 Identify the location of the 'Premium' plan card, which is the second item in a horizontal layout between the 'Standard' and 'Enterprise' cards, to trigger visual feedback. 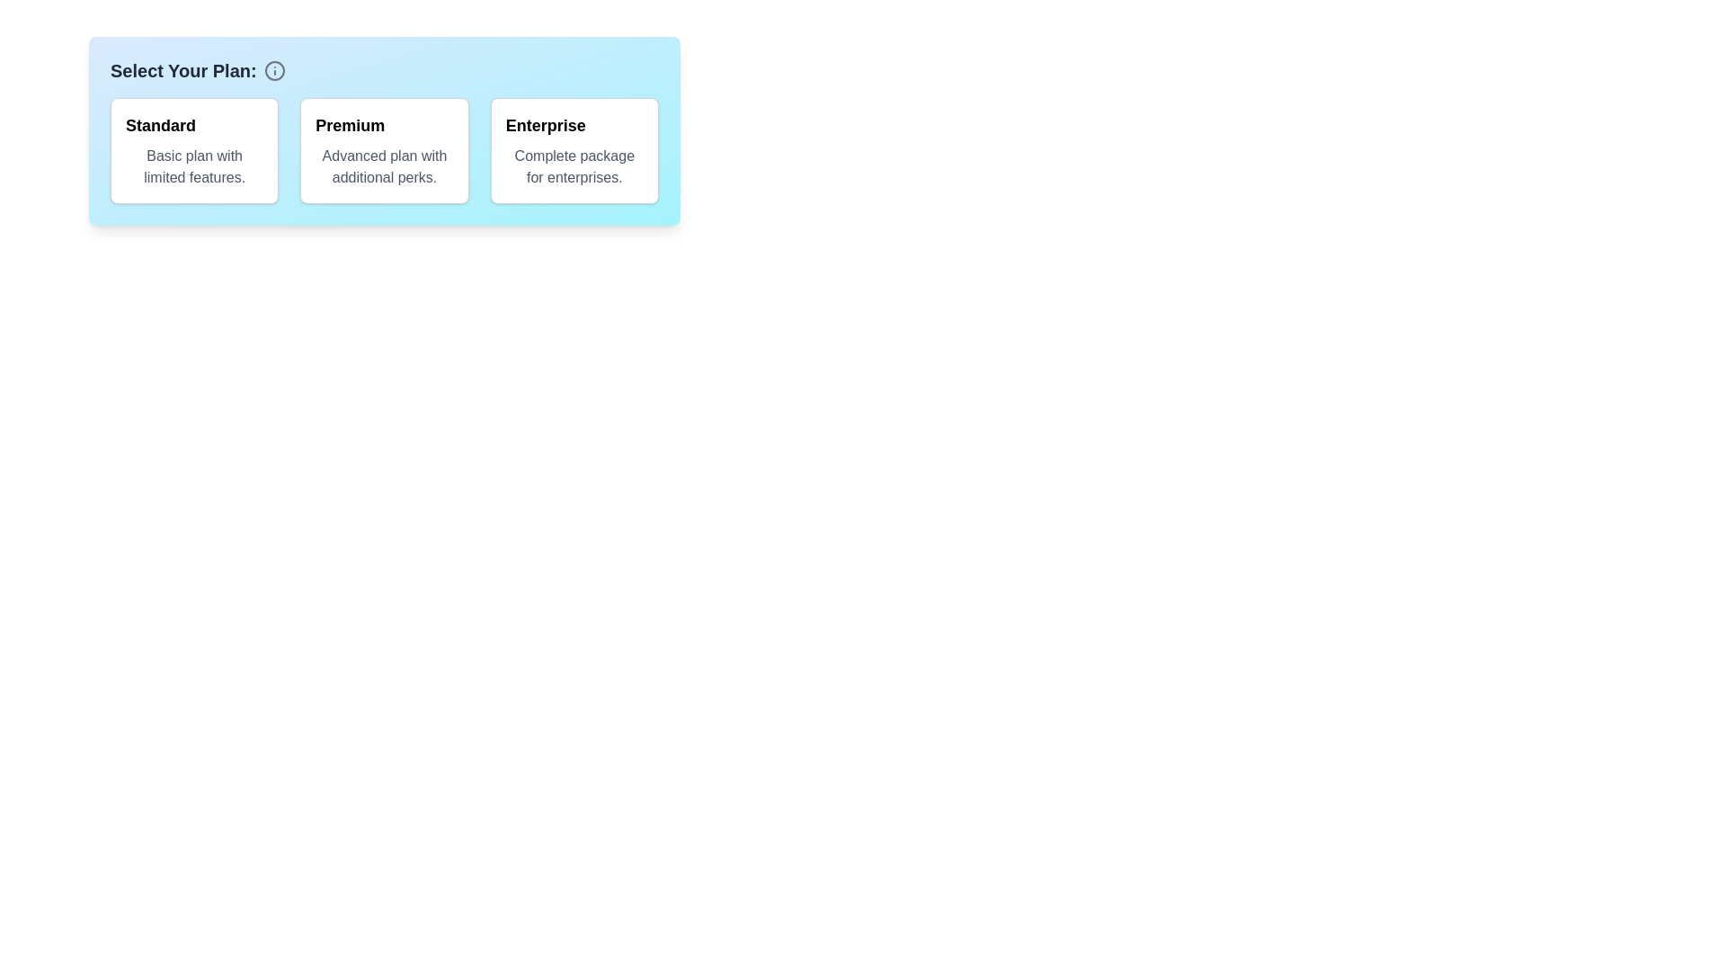
(383, 150).